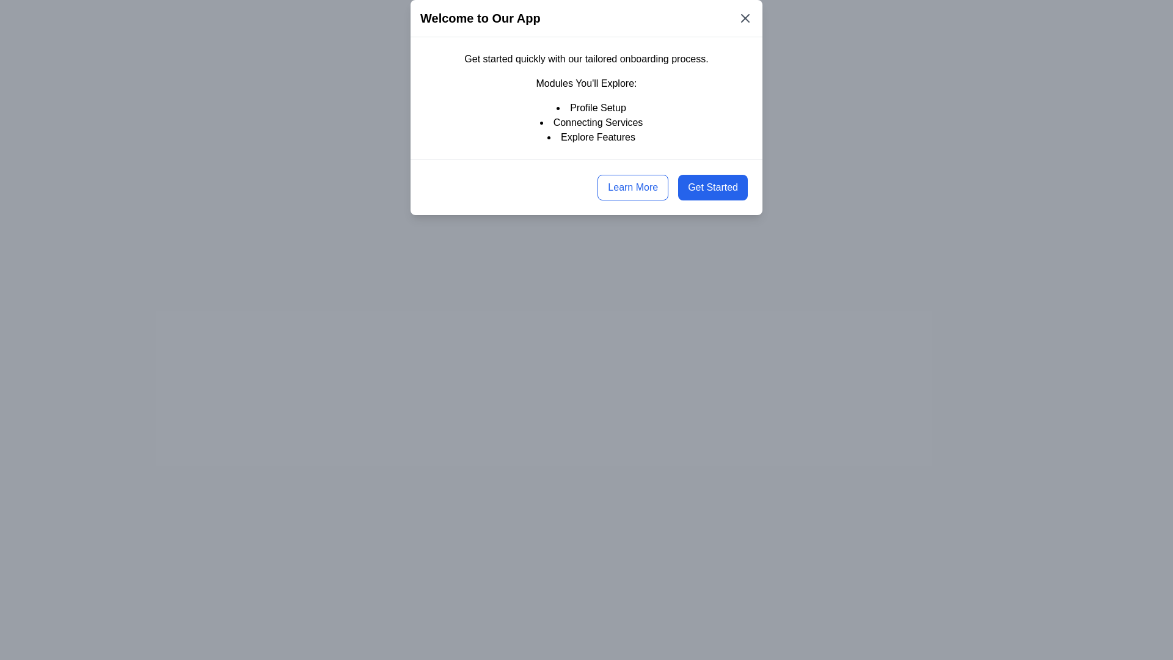 The width and height of the screenshot is (1173, 660). Describe the element at coordinates (591, 108) in the screenshot. I see `the static text item labeled 'Profile Setup', which is the first item in a vertically arranged bulleted list within a modal dialog` at that location.